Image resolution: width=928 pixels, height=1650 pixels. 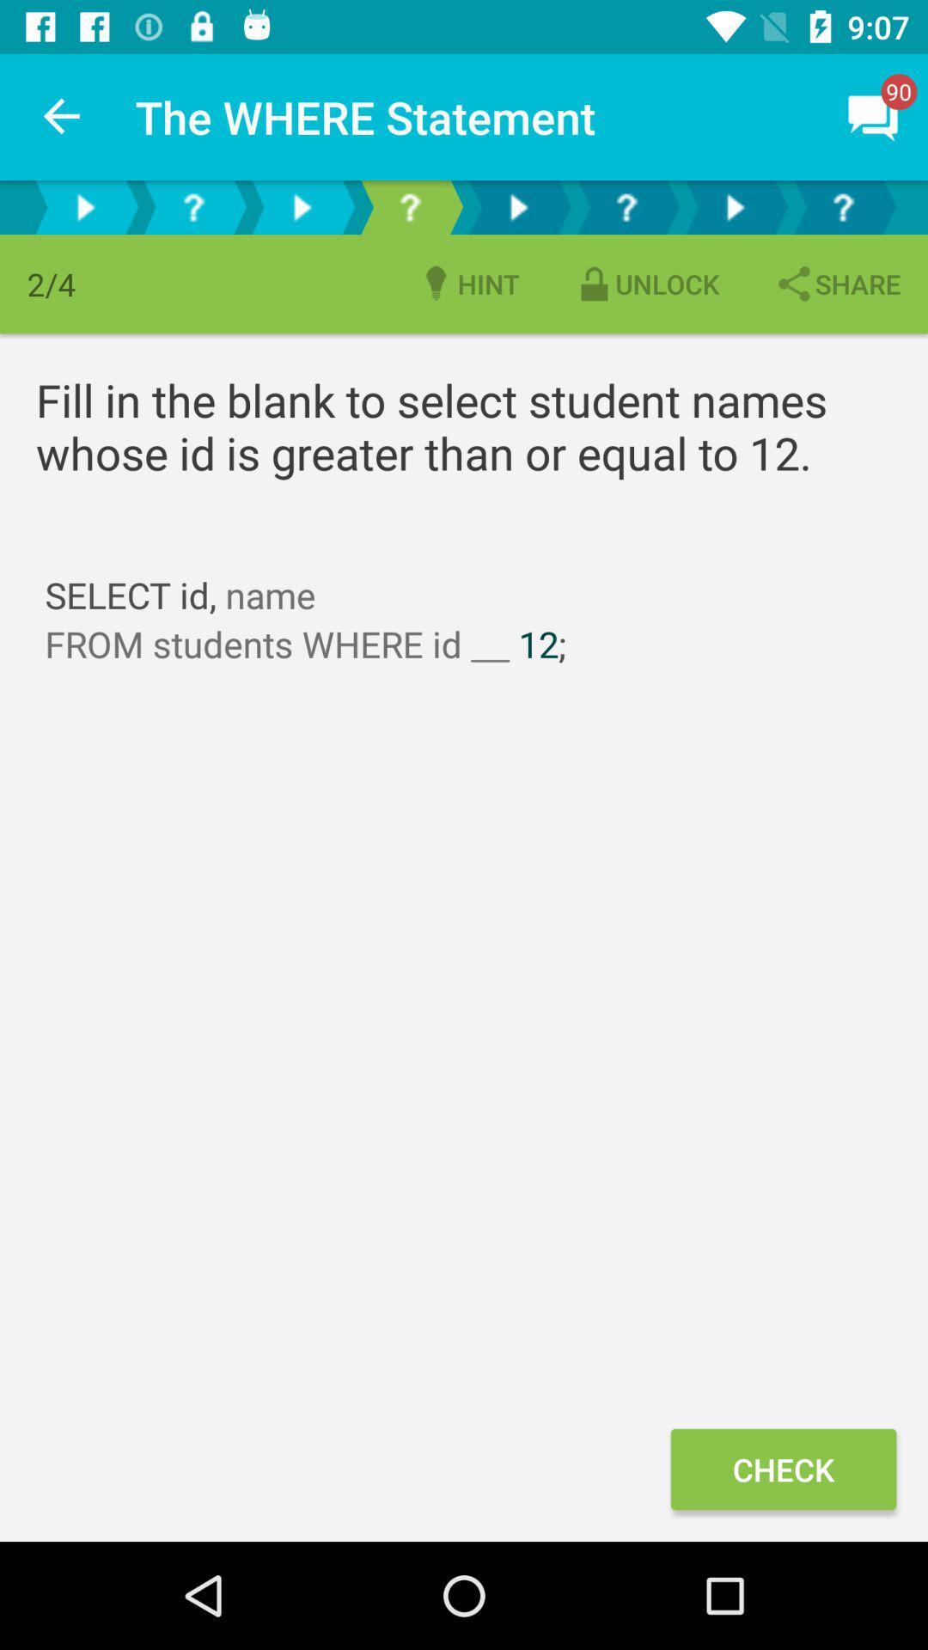 What do you see at coordinates (626, 206) in the screenshot?
I see `to move on the third question in a series of questions` at bounding box center [626, 206].